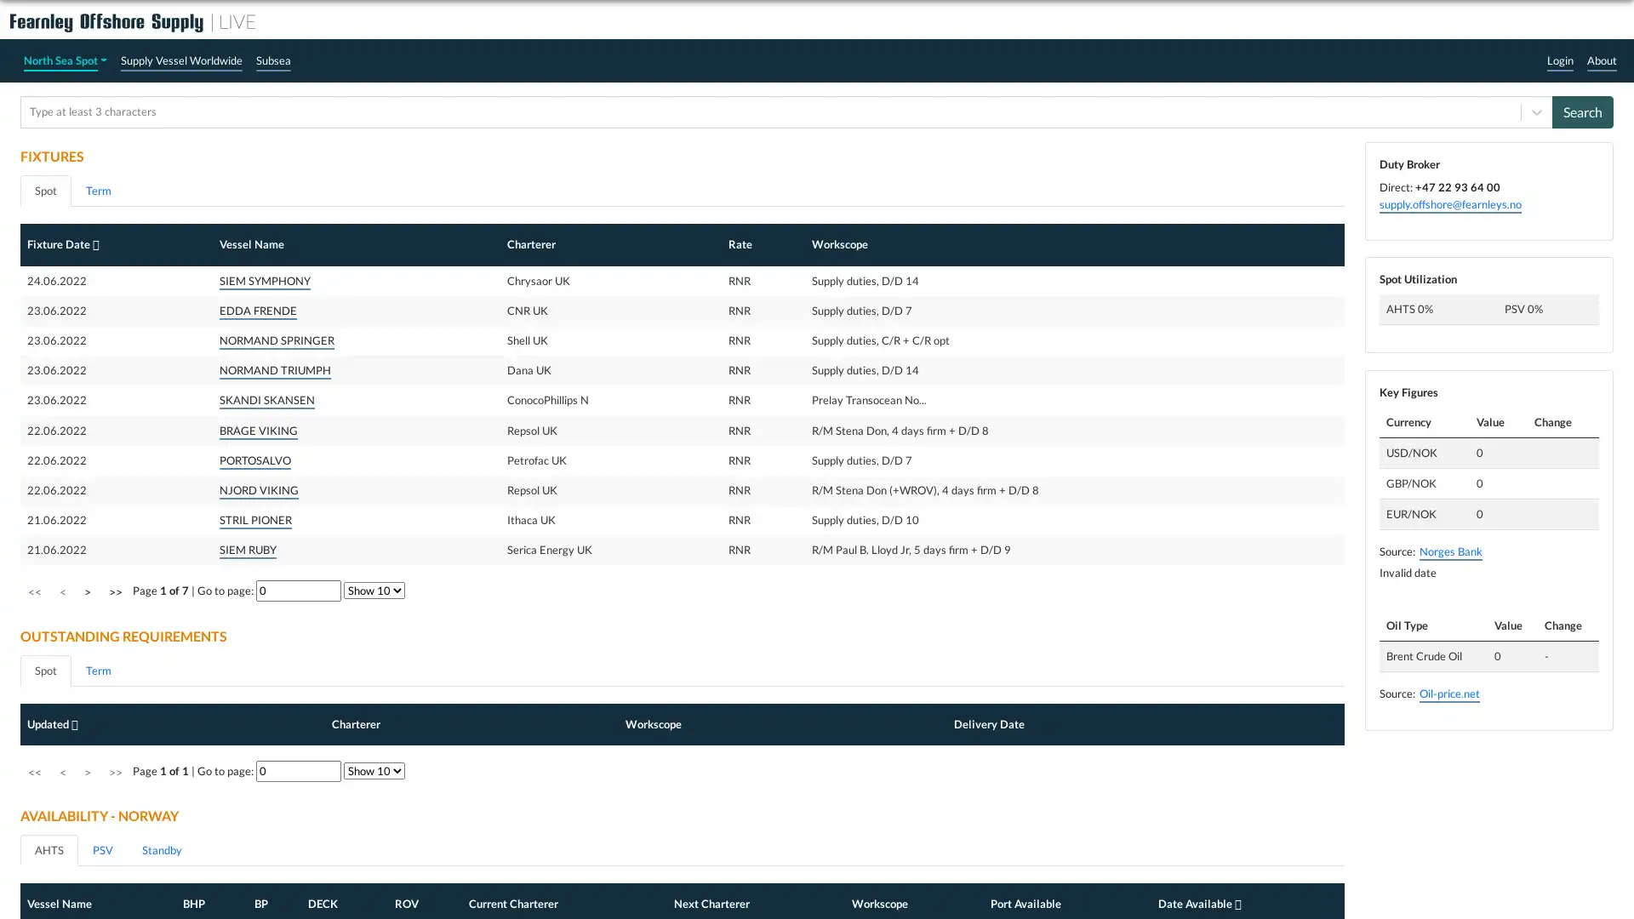  I want to click on North Sea Spot, so click(65, 60).